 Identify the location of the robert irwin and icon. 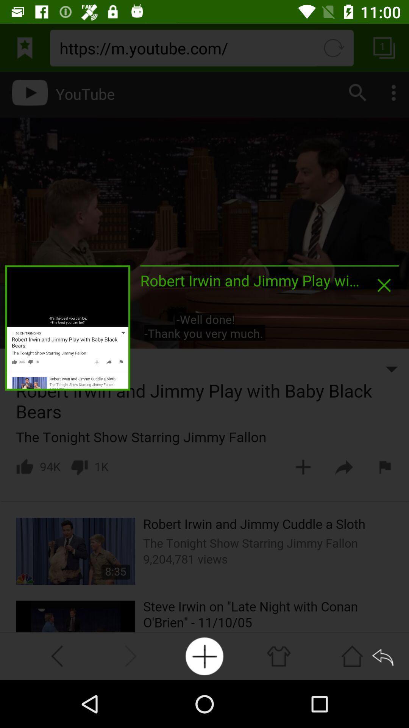
(250, 280).